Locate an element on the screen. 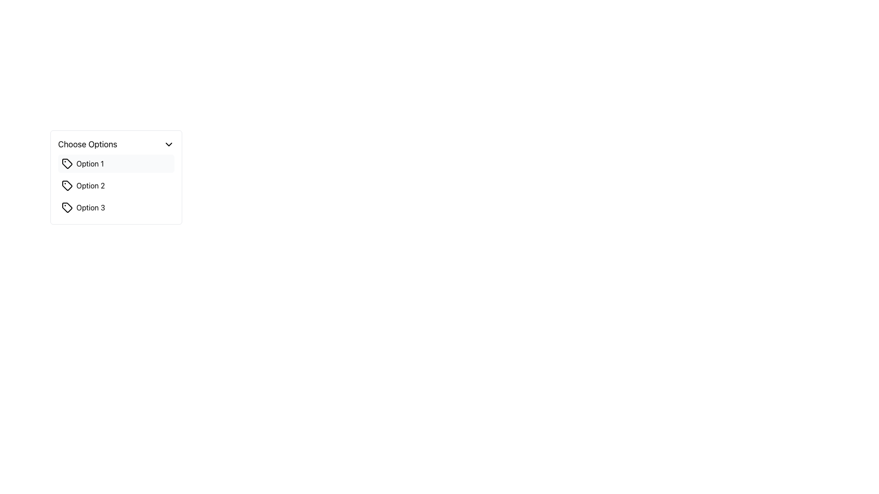  the text 'Option 3', which is the last selectable option in the menu list is located at coordinates (91, 208).